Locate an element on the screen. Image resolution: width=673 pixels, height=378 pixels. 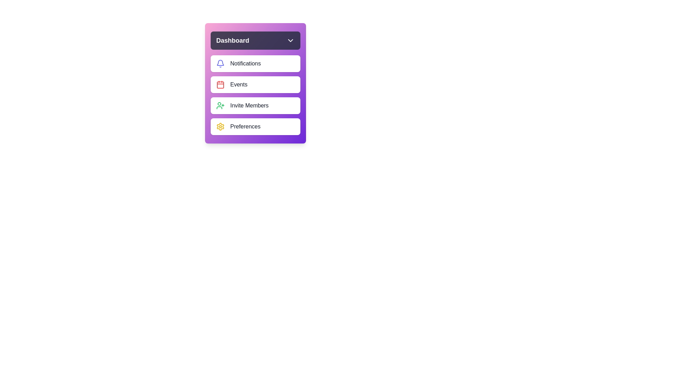
the Notifications icon in the dashboard is located at coordinates (220, 63).